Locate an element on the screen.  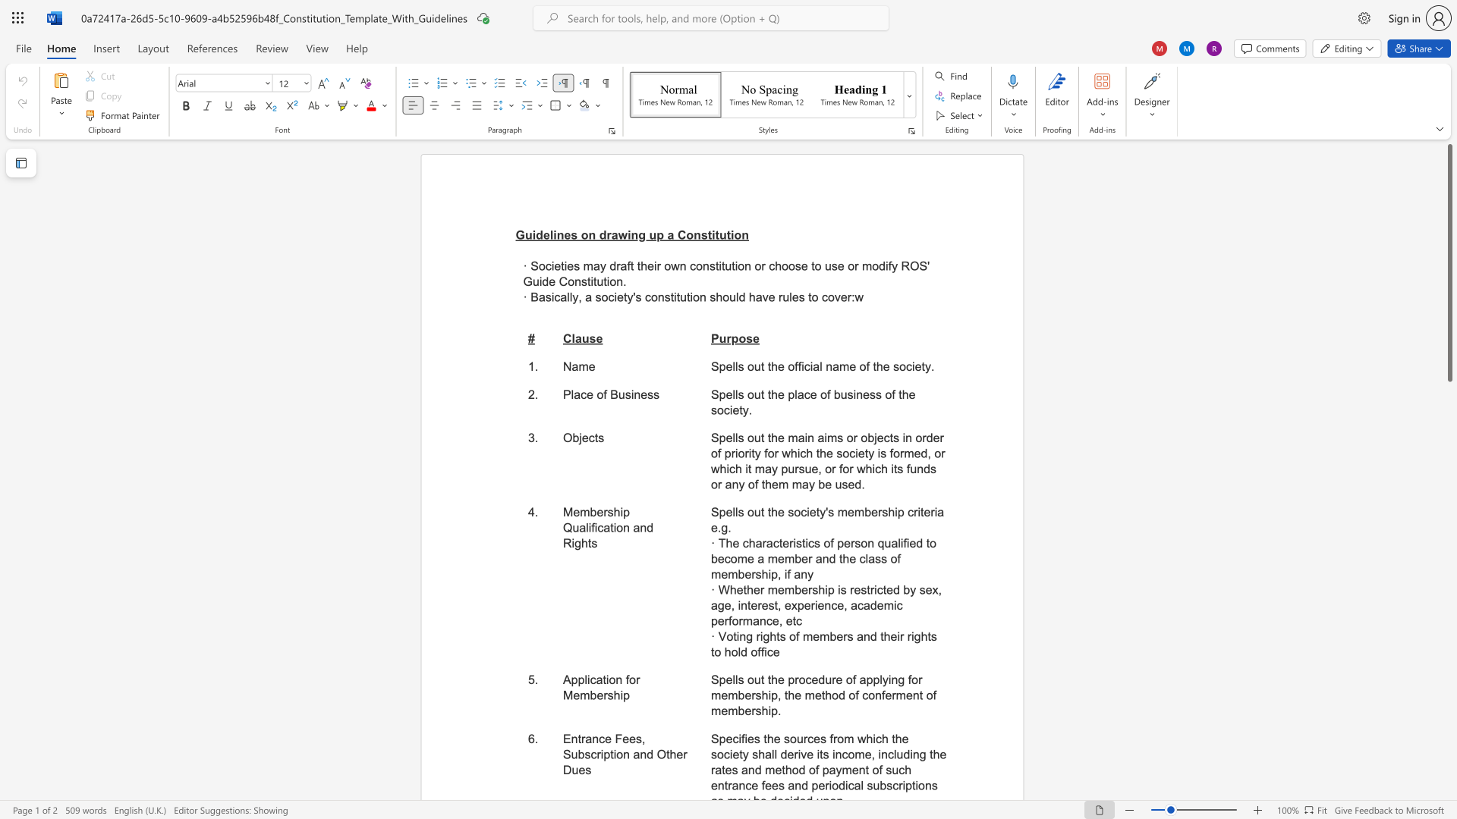
the space between the continuous character "i" and "n" in the text is located at coordinates (634, 394).